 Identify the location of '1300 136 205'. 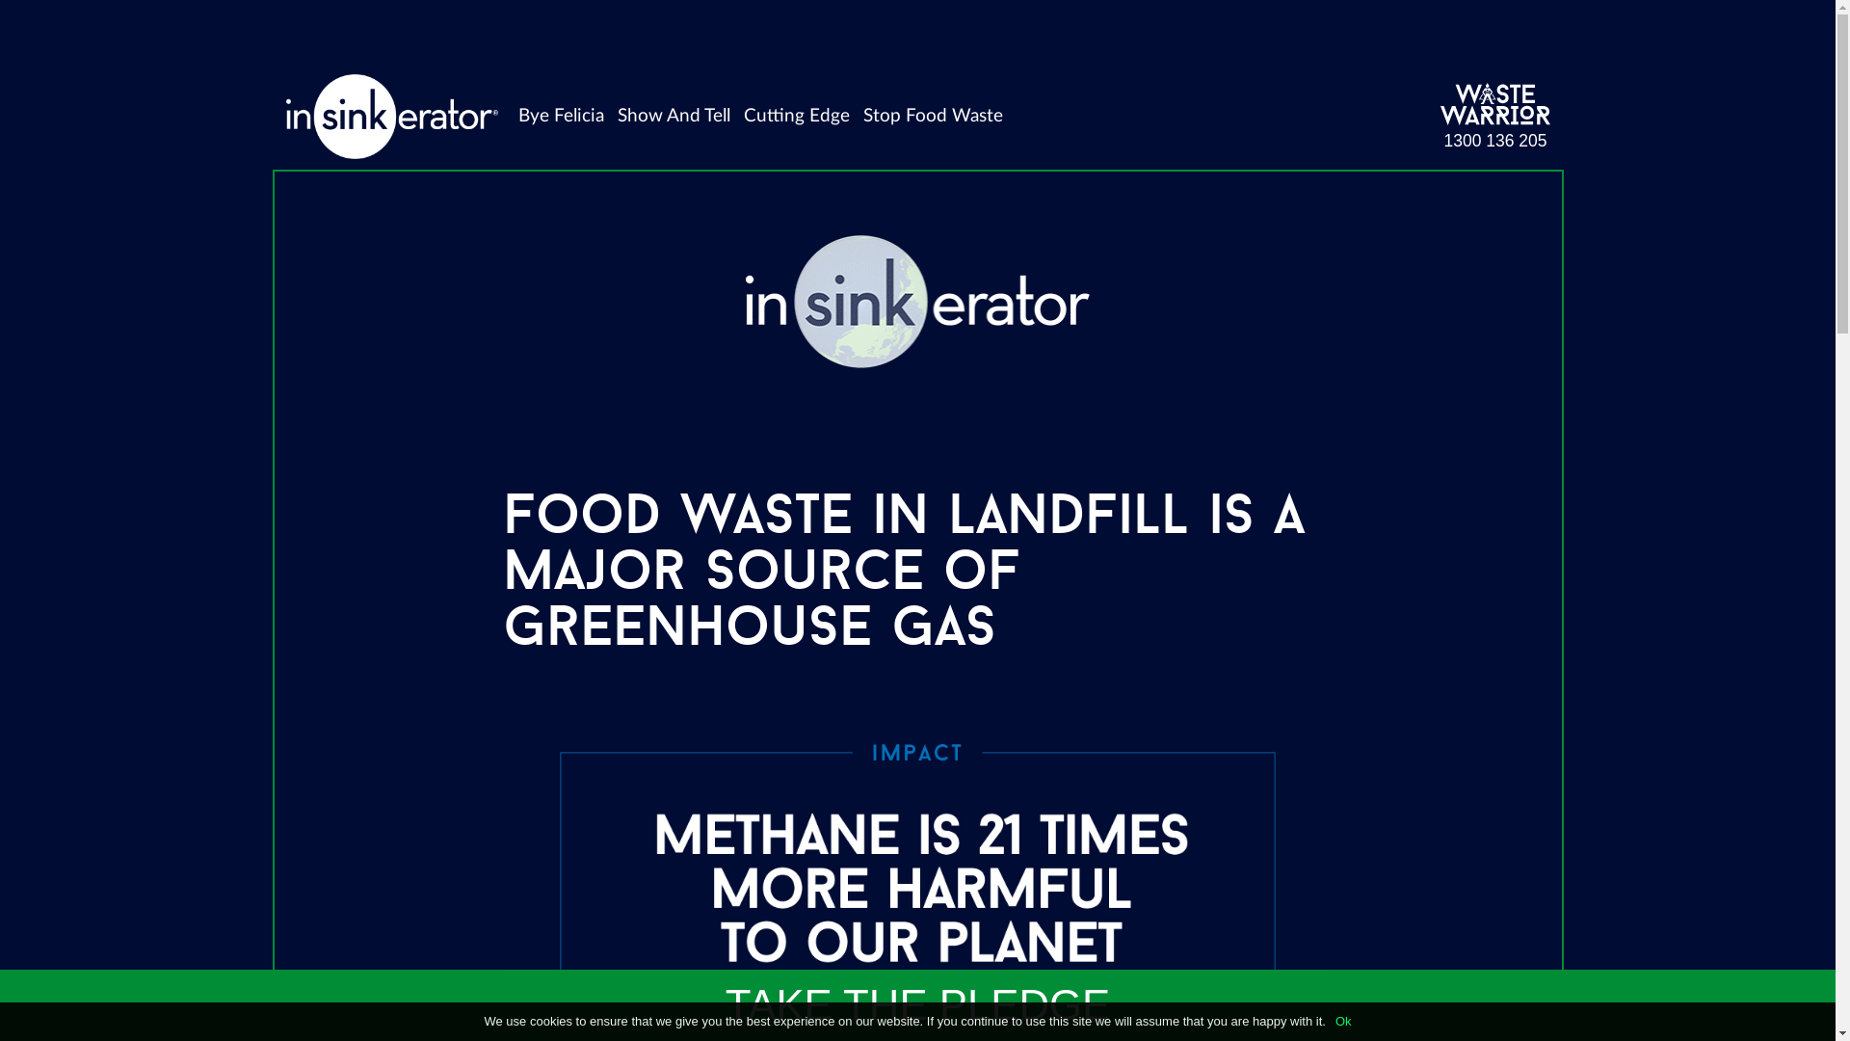
(1493, 140).